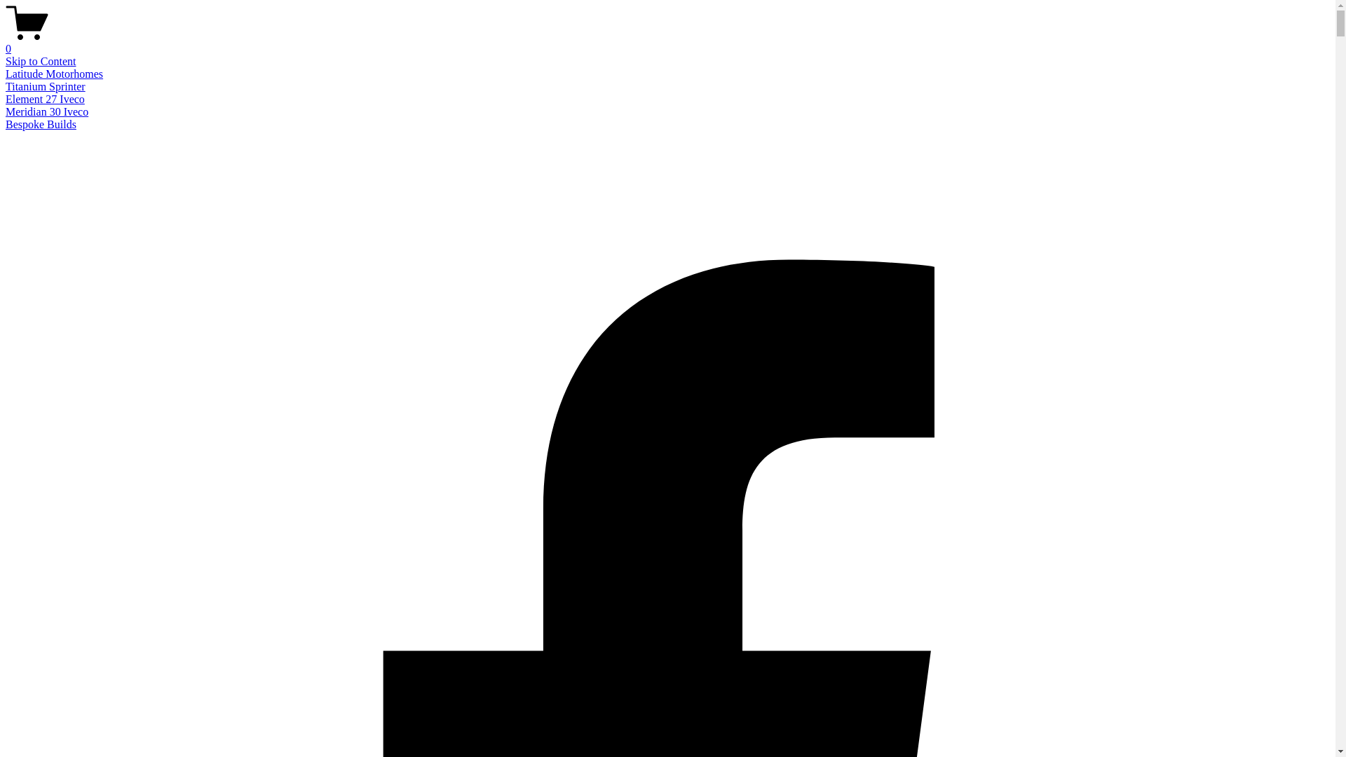 This screenshot has height=757, width=1346. Describe the element at coordinates (45, 98) in the screenshot. I see `'Element 27 Iveco'` at that location.